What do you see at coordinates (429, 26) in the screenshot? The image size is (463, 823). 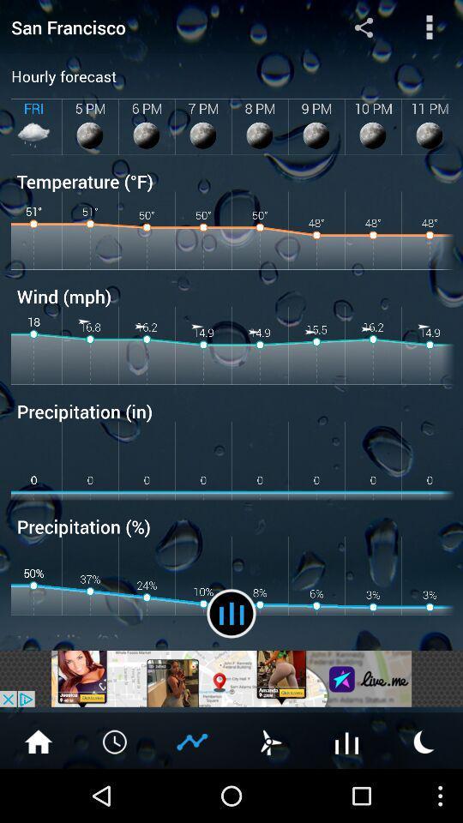 I see `the item above the hourly forecast icon` at bounding box center [429, 26].